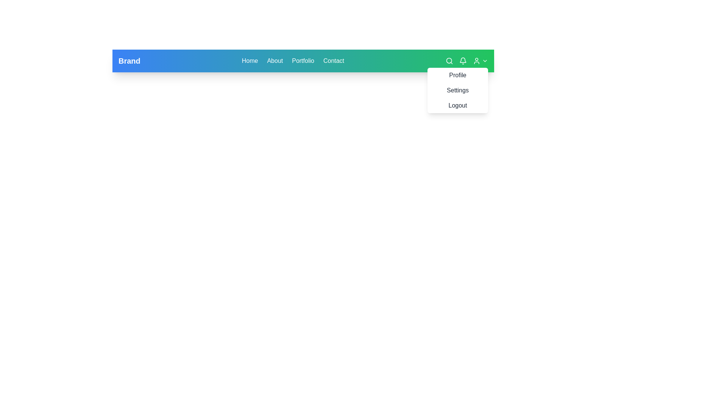 This screenshot has width=727, height=409. Describe the element at coordinates (303, 61) in the screenshot. I see `the 'Portfolio' hyperlink in the top-right navigation menu` at that location.